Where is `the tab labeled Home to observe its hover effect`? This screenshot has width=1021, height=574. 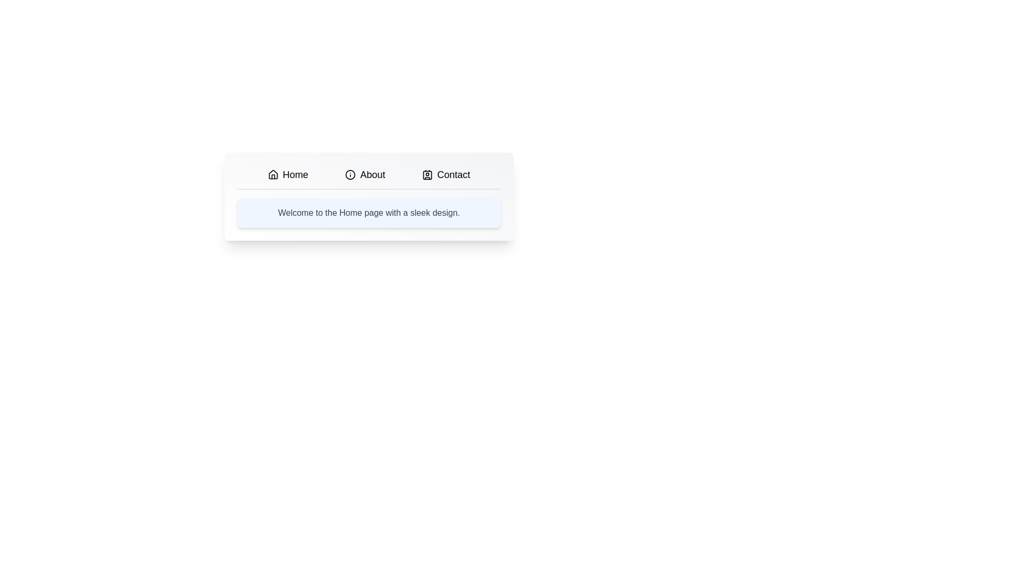 the tab labeled Home to observe its hover effect is located at coordinates (288, 174).